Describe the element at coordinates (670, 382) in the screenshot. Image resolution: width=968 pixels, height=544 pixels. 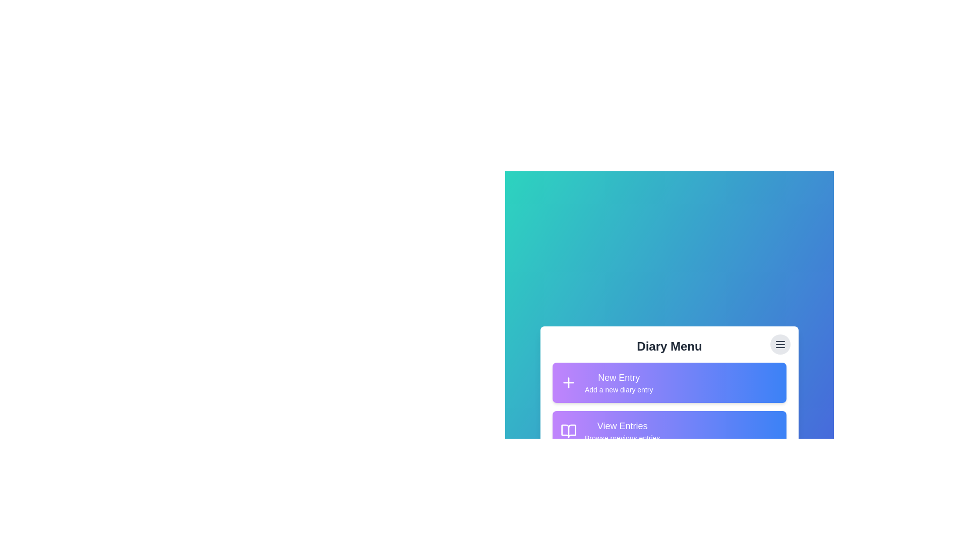
I see `the menu item New Entry from the menu` at that location.